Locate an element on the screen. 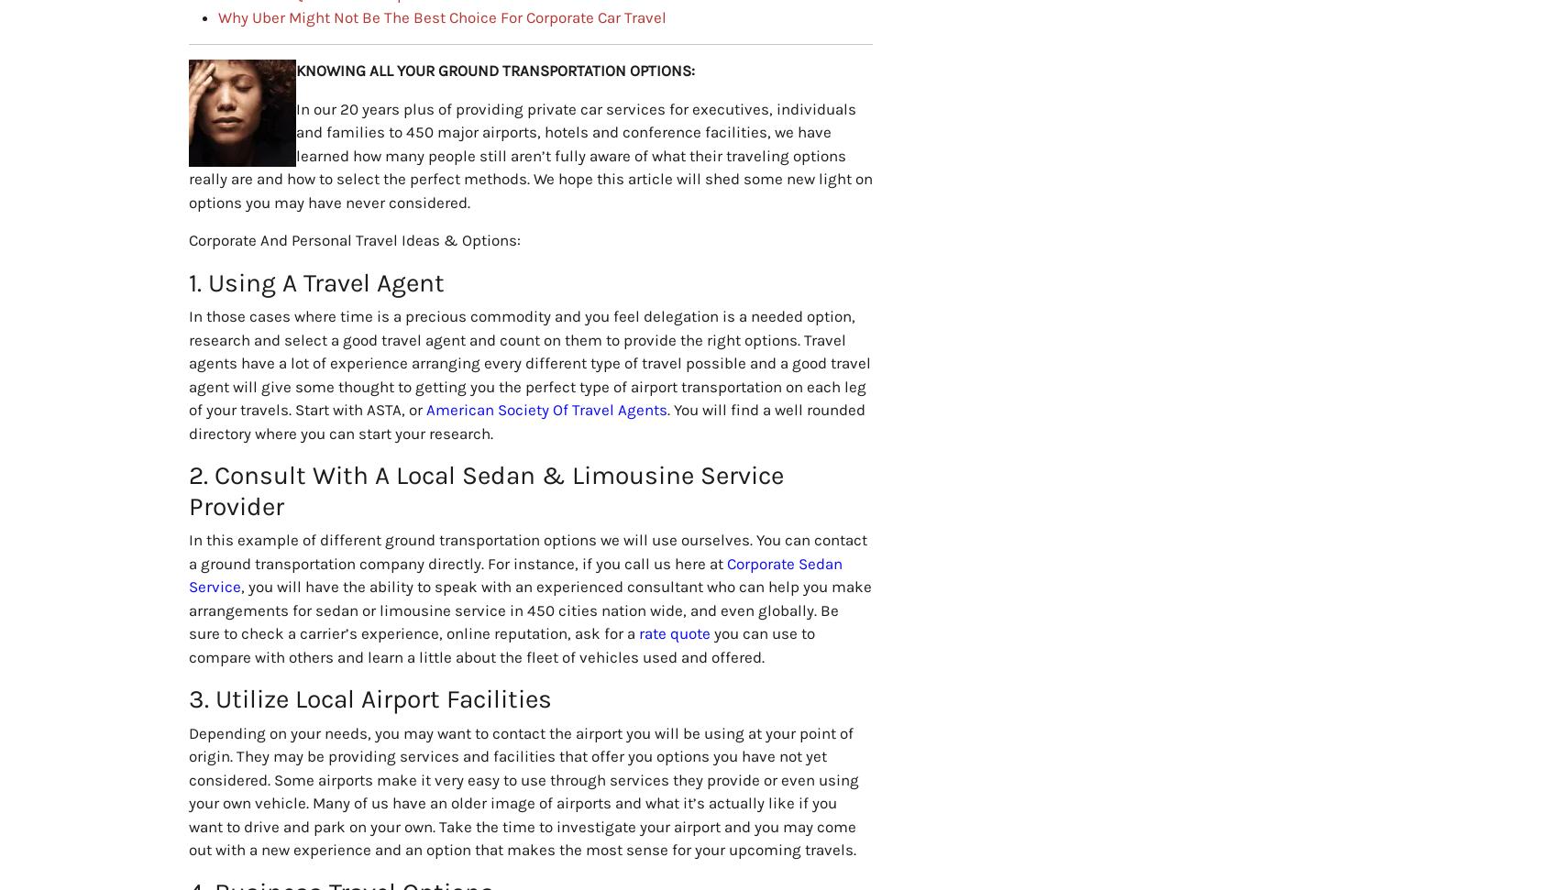 This screenshot has width=1565, height=890. 'Hourly Transportation' is located at coordinates (867, 775).